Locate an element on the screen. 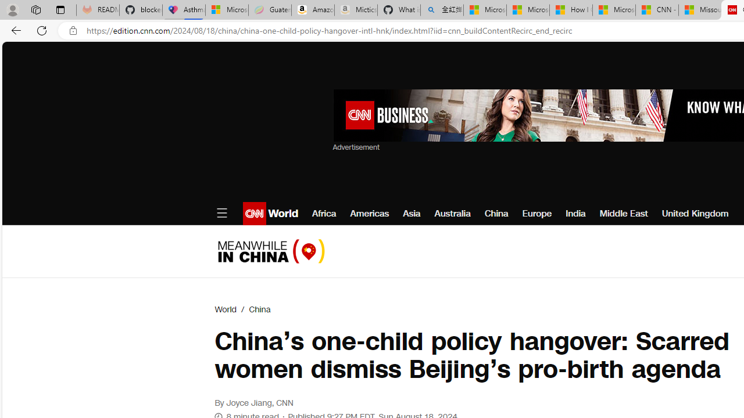 This screenshot has height=418, width=744. 'India' is located at coordinates (575, 213).